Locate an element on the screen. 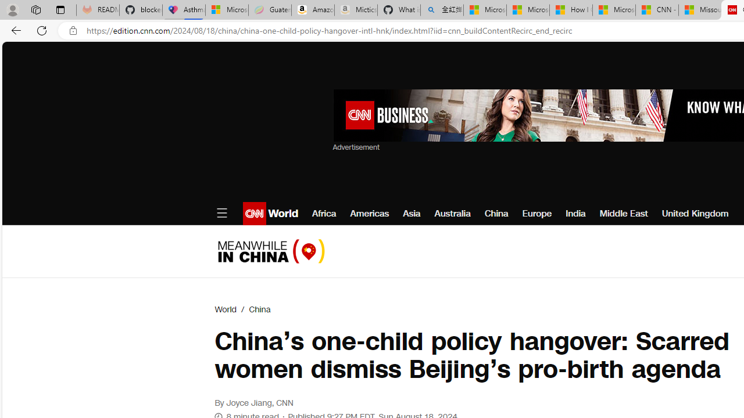 This screenshot has height=418, width=744. 'India' is located at coordinates (575, 213).